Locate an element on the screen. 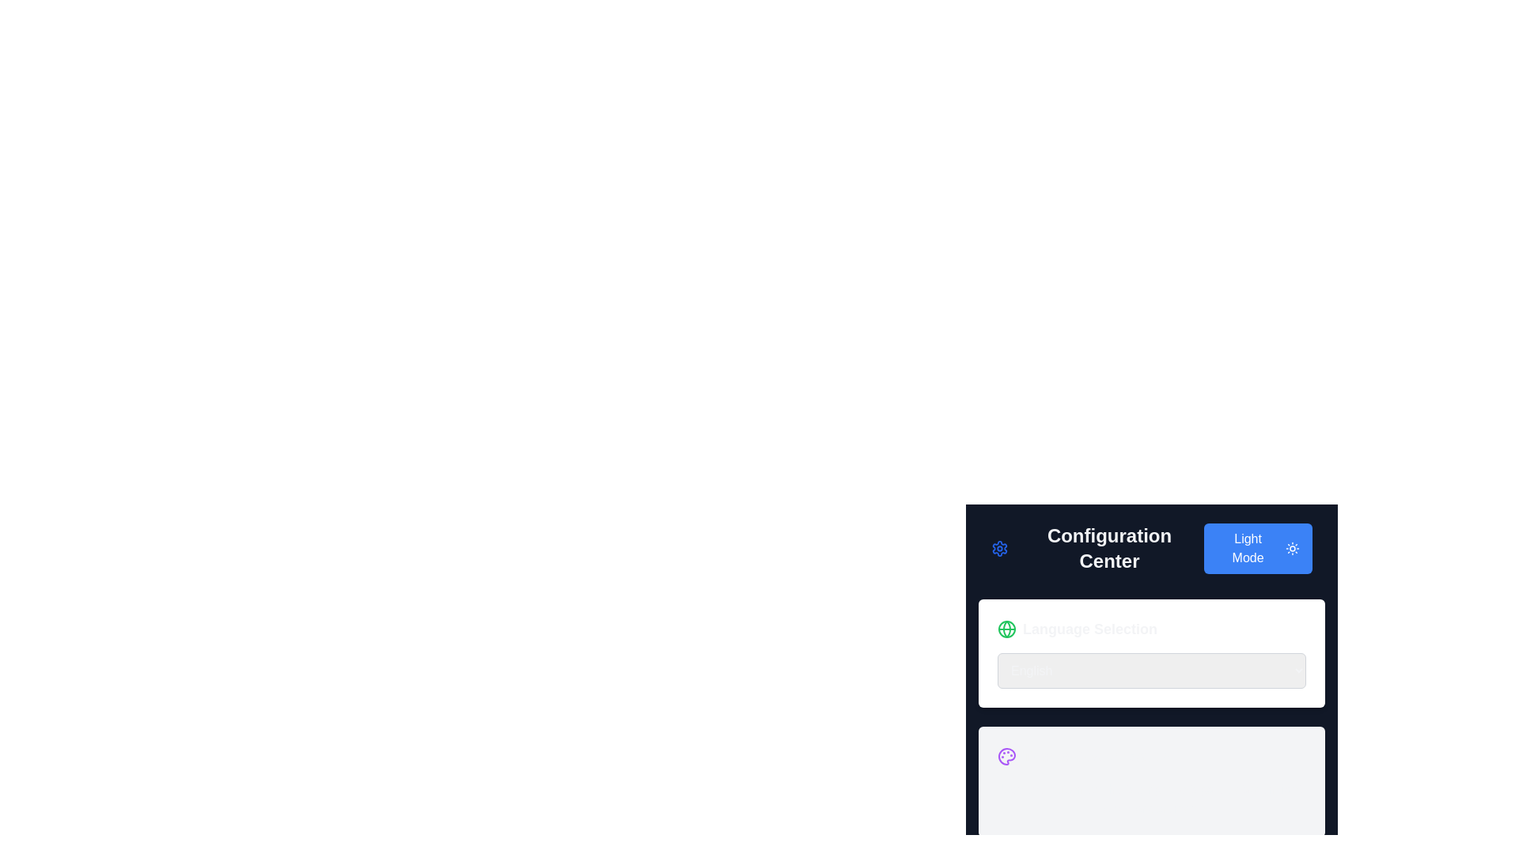 Image resolution: width=1519 pixels, height=854 pixels. the blue gear-shaped icon representing settings, located to the left of the 'Configuration Center' text label is located at coordinates (998, 548).